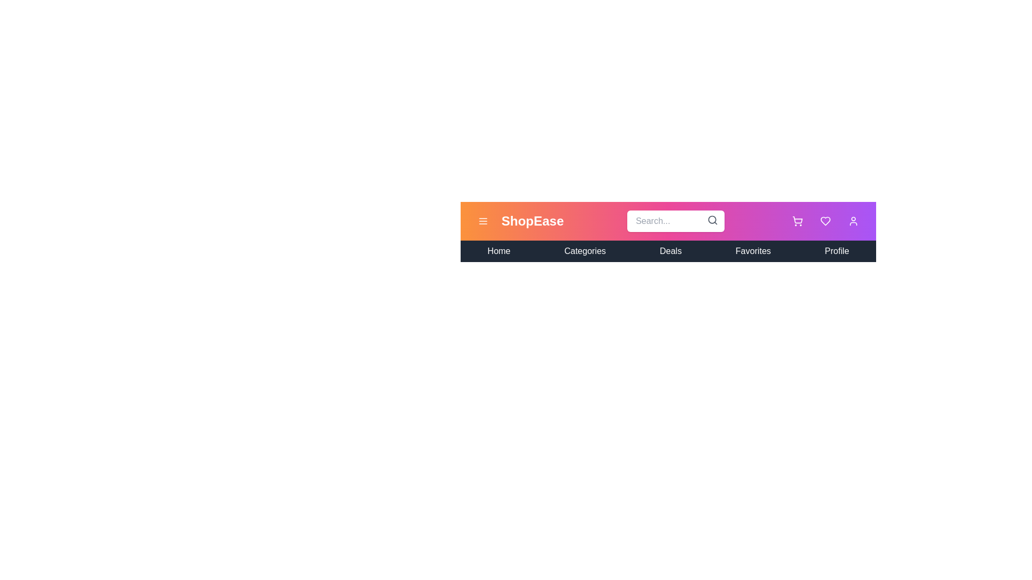 The height and width of the screenshot is (580, 1032). What do you see at coordinates (853, 221) in the screenshot?
I see `the user profile icon to access the user profile menu` at bounding box center [853, 221].